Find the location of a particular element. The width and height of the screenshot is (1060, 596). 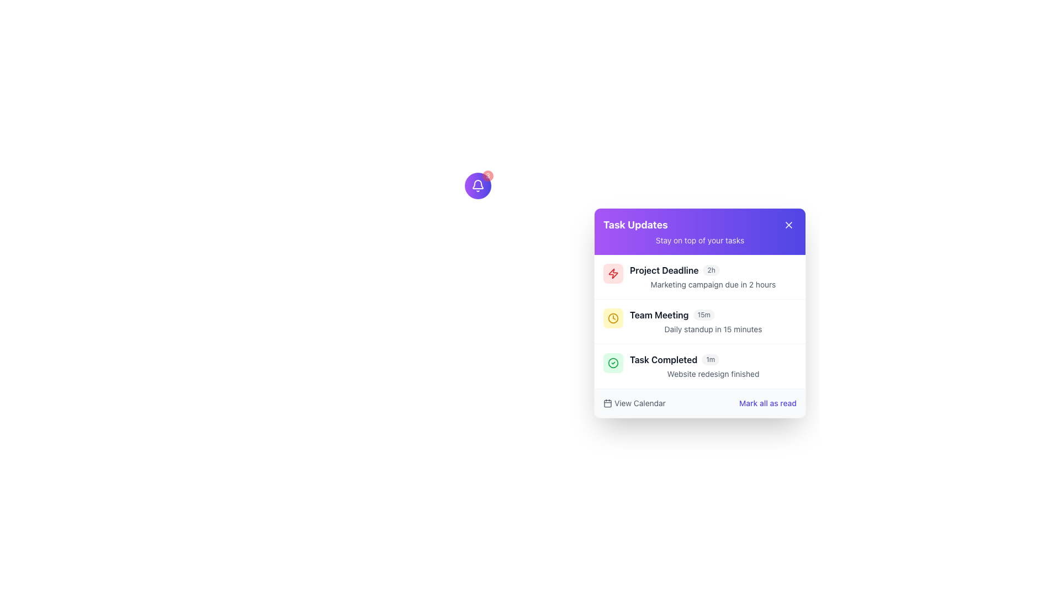

the heading element that serves as the title for the notification panel, positioned at the top-left corner of the notification popup is located at coordinates (635, 225).